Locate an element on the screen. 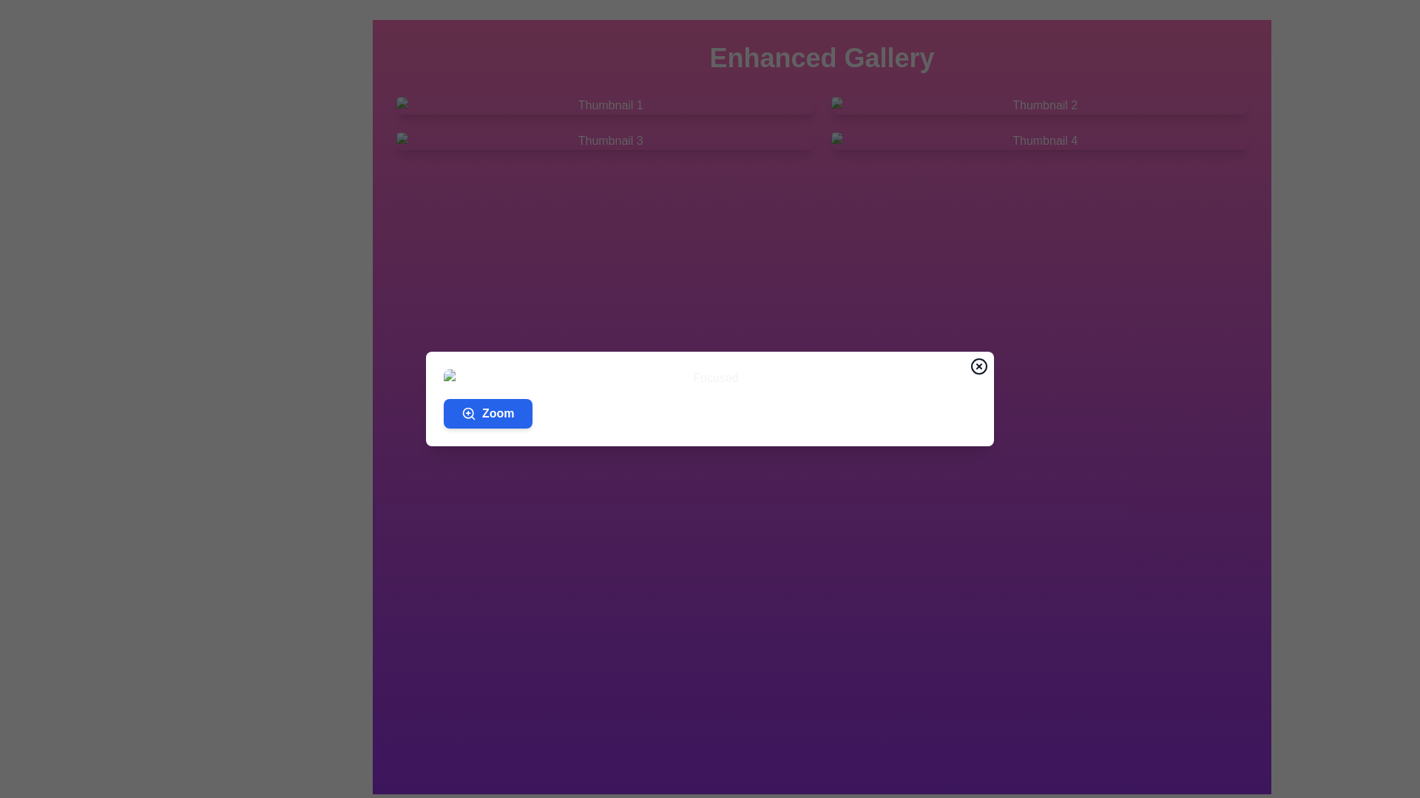  the Close Button located at the top-right corner of the dialog box to change its color is located at coordinates (979, 366).